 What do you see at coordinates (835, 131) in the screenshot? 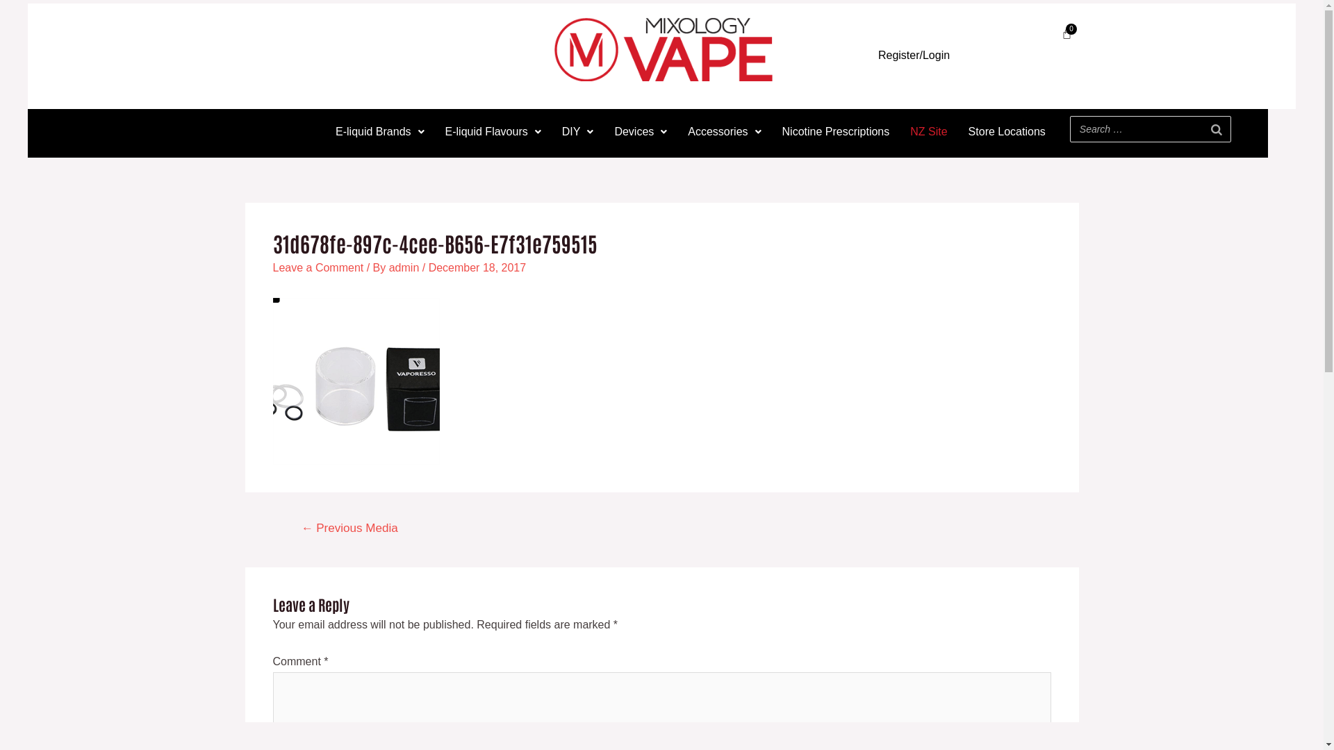
I see `'Nicotine Prescriptions'` at bounding box center [835, 131].